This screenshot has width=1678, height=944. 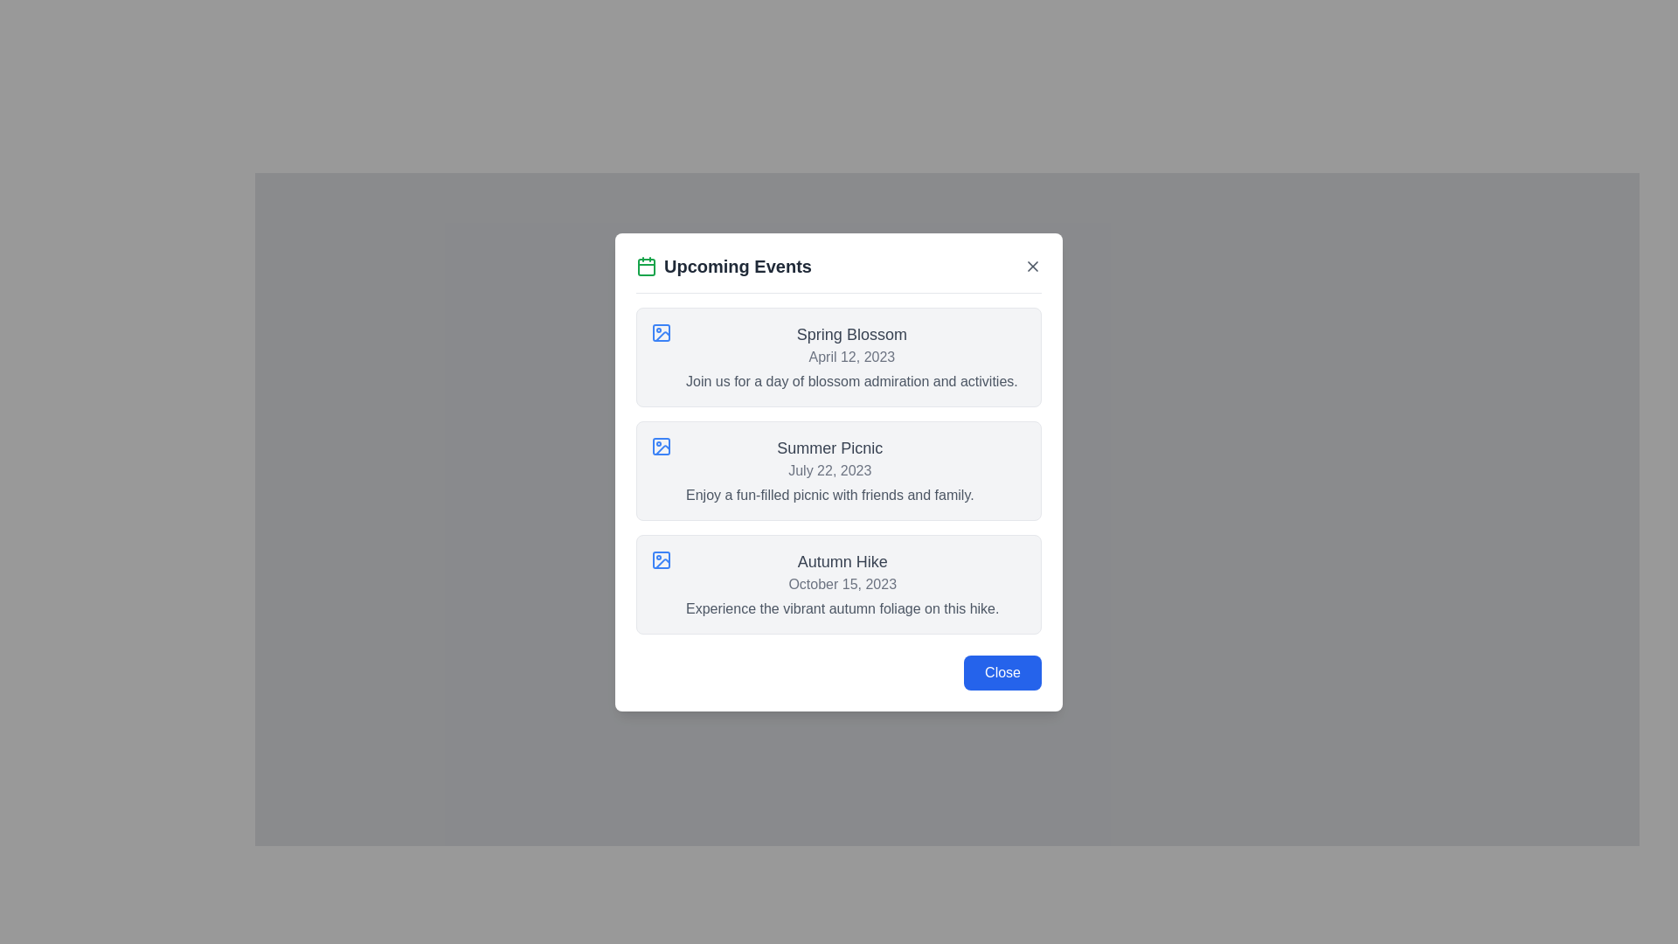 What do you see at coordinates (661, 332) in the screenshot?
I see `the small icon with a blue outline resembling a picture frame with a circle inside, located in the first card titled 'Spring Blossom', to the left of the text section` at bounding box center [661, 332].